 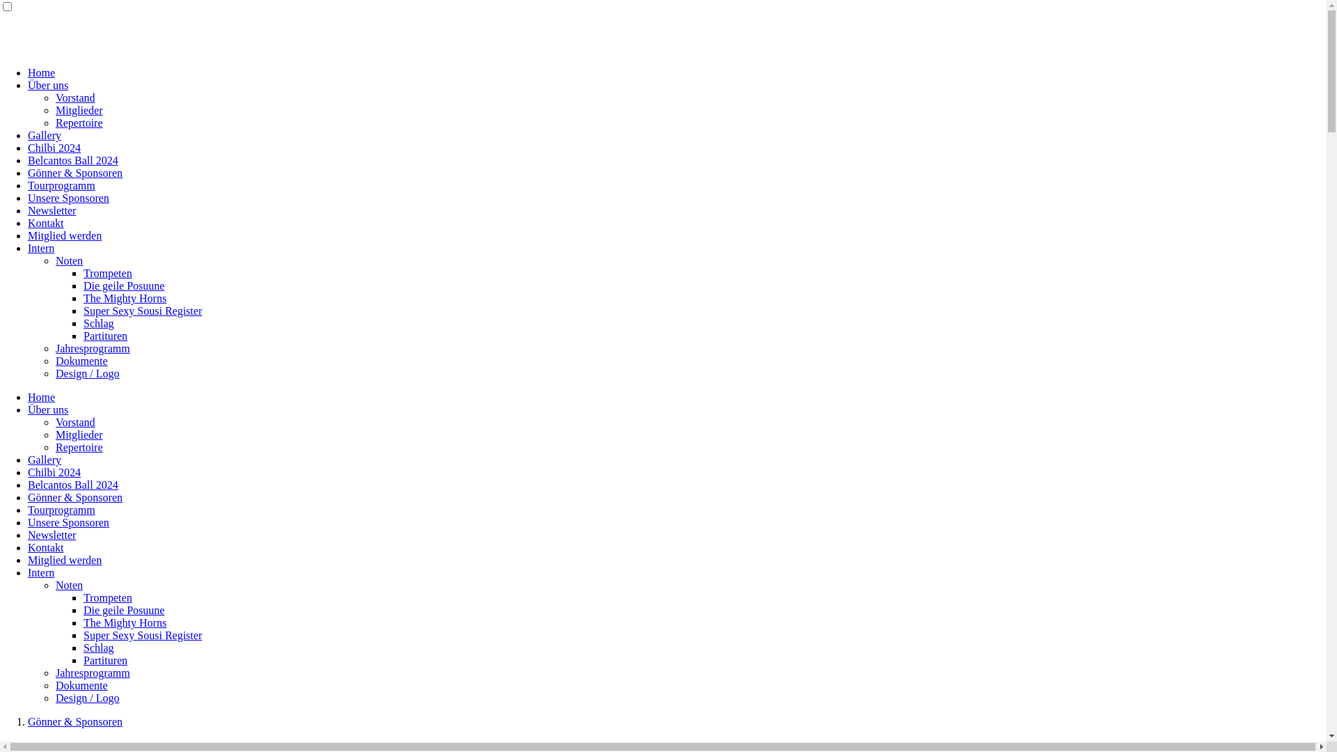 What do you see at coordinates (123, 609) in the screenshot?
I see `'Die geile Posuune'` at bounding box center [123, 609].